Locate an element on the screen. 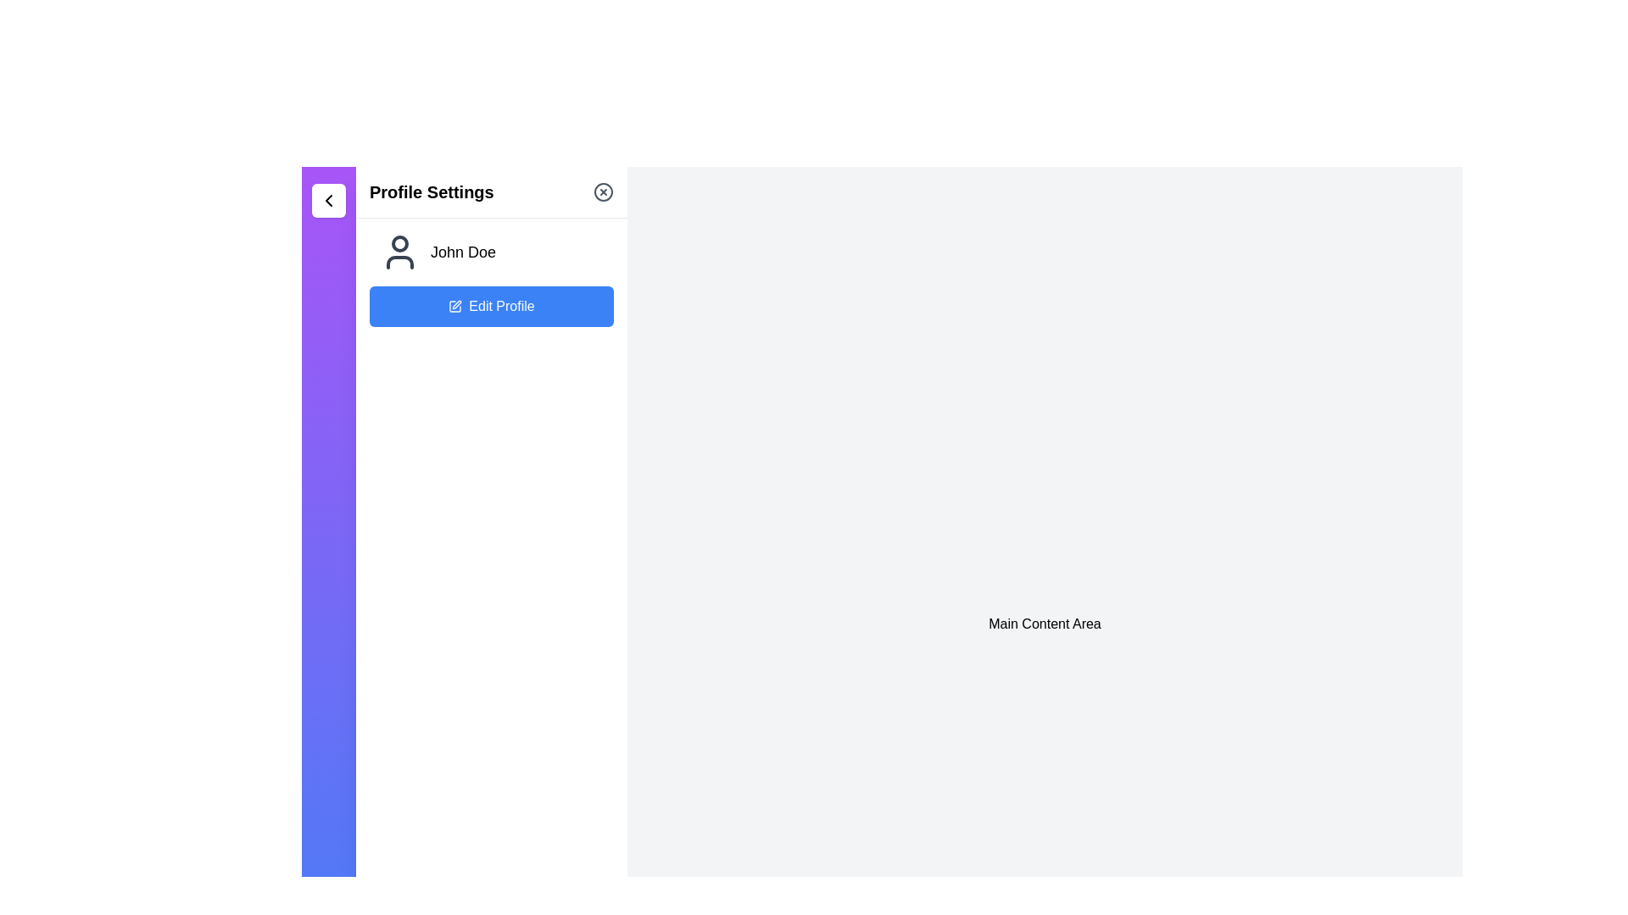 This screenshot has height=915, width=1628. the profile edit button located below 'John Doe' in the left panel is located at coordinates (491, 307).